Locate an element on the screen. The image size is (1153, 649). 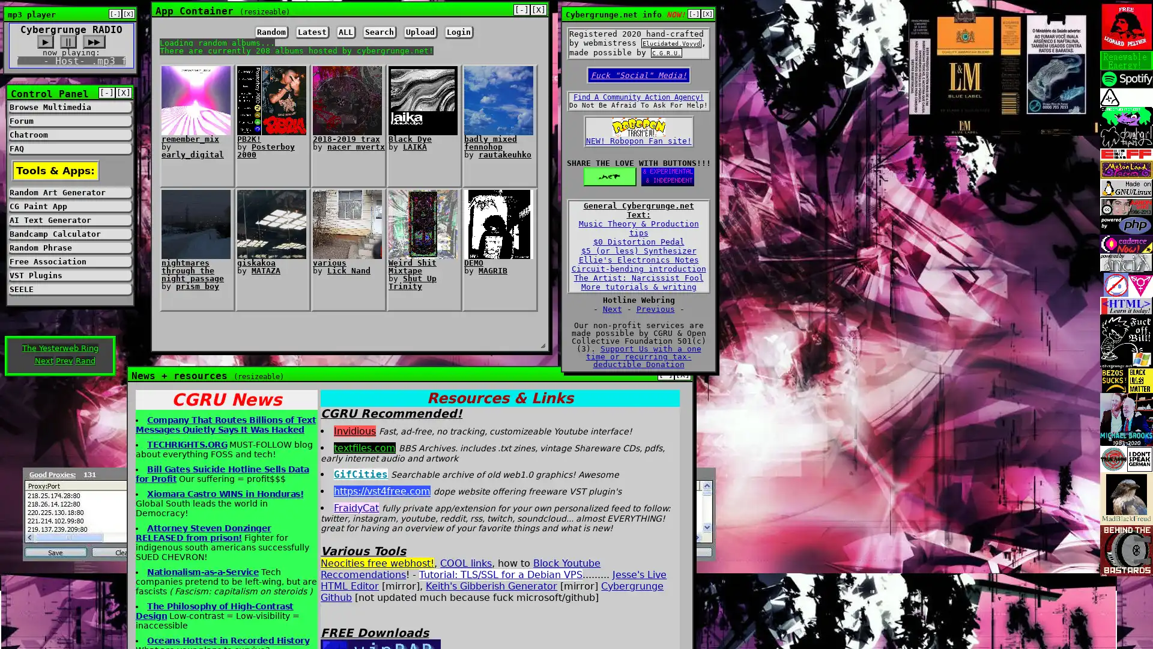
[X] is located at coordinates (124, 92).